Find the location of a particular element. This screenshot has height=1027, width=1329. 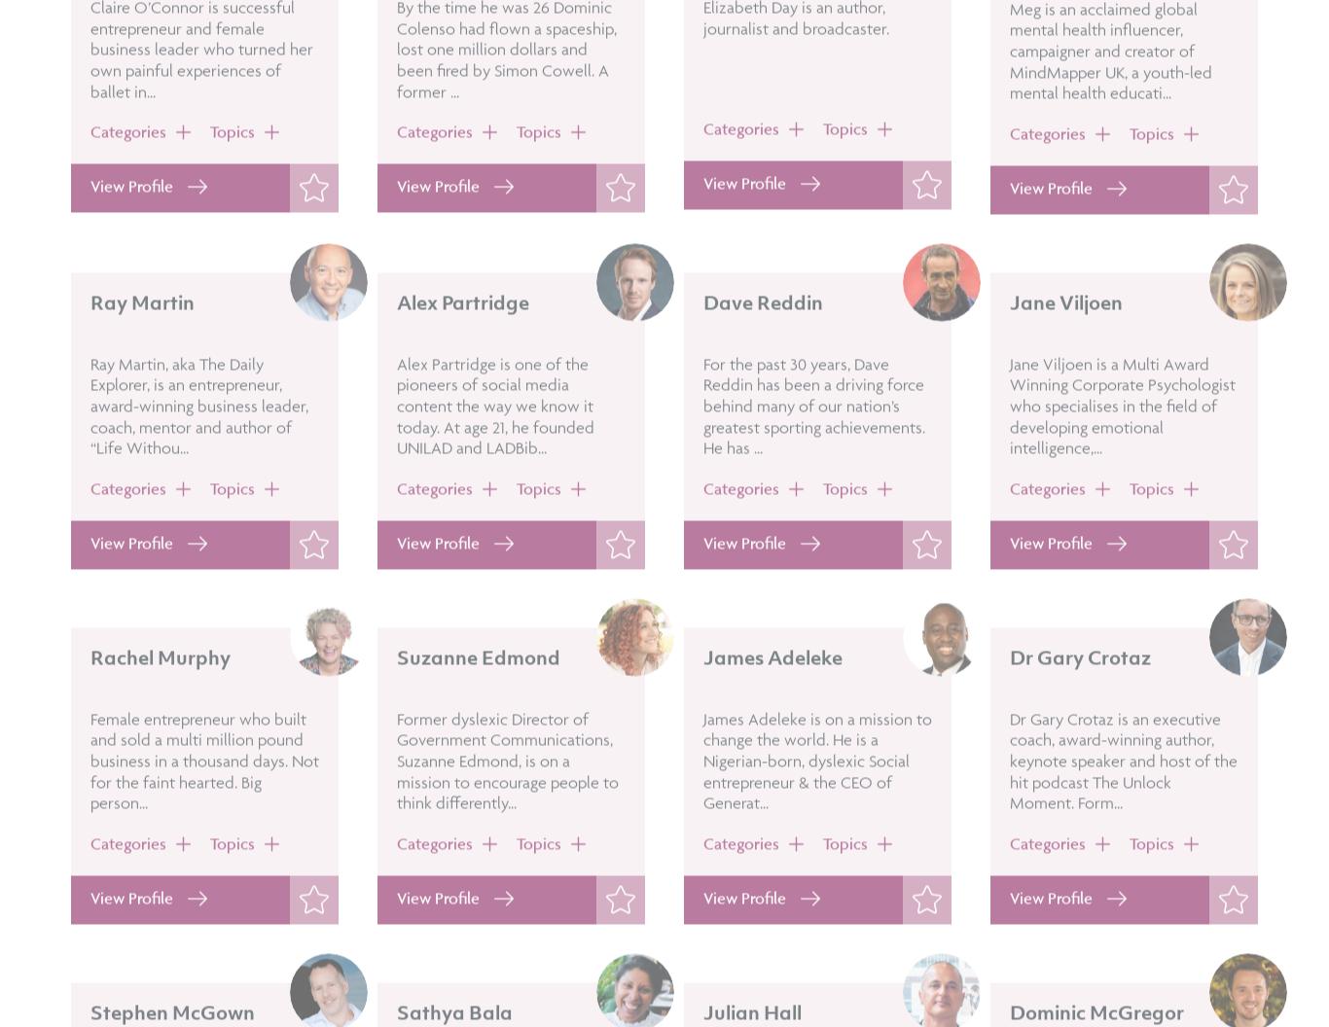

'James Adeleke is on a mission to change the world. He is a Nigerian-born, dyslexic Social entrepreneur & the CEO of Generat...' is located at coordinates (816, 815).